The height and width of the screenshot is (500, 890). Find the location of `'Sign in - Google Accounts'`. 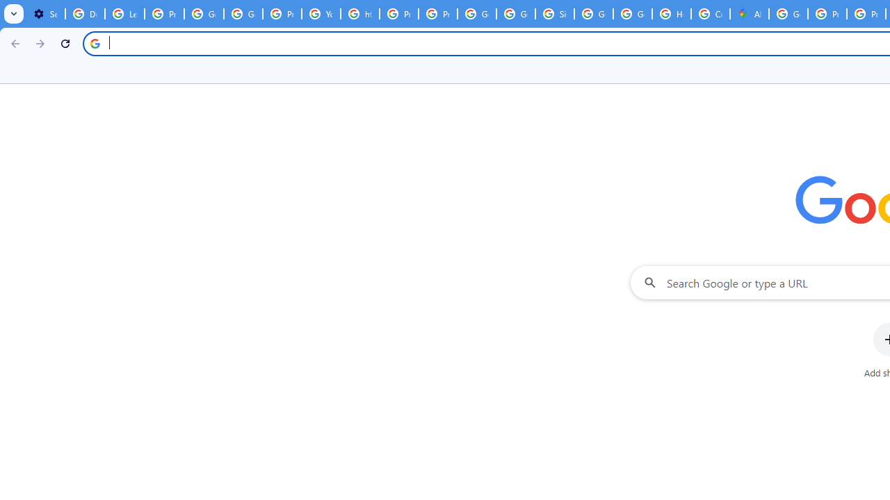

'Sign in - Google Accounts' is located at coordinates (554, 14).